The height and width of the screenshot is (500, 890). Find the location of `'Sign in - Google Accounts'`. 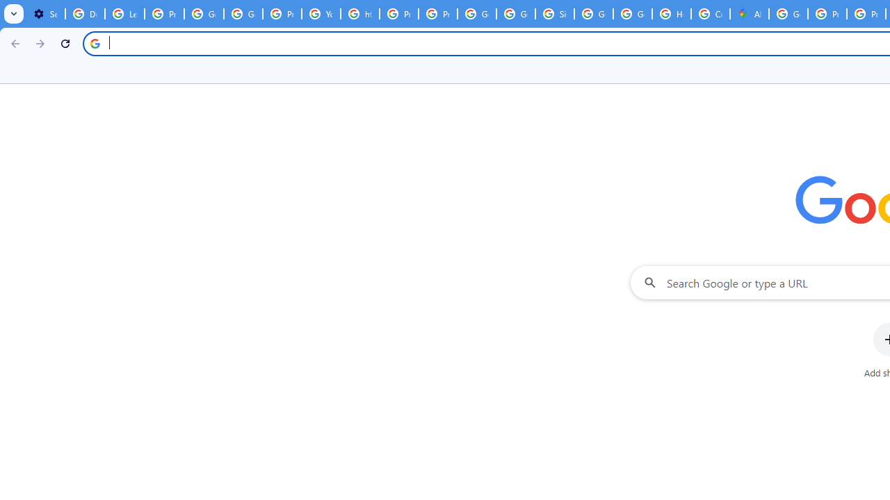

'Sign in - Google Accounts' is located at coordinates (554, 14).